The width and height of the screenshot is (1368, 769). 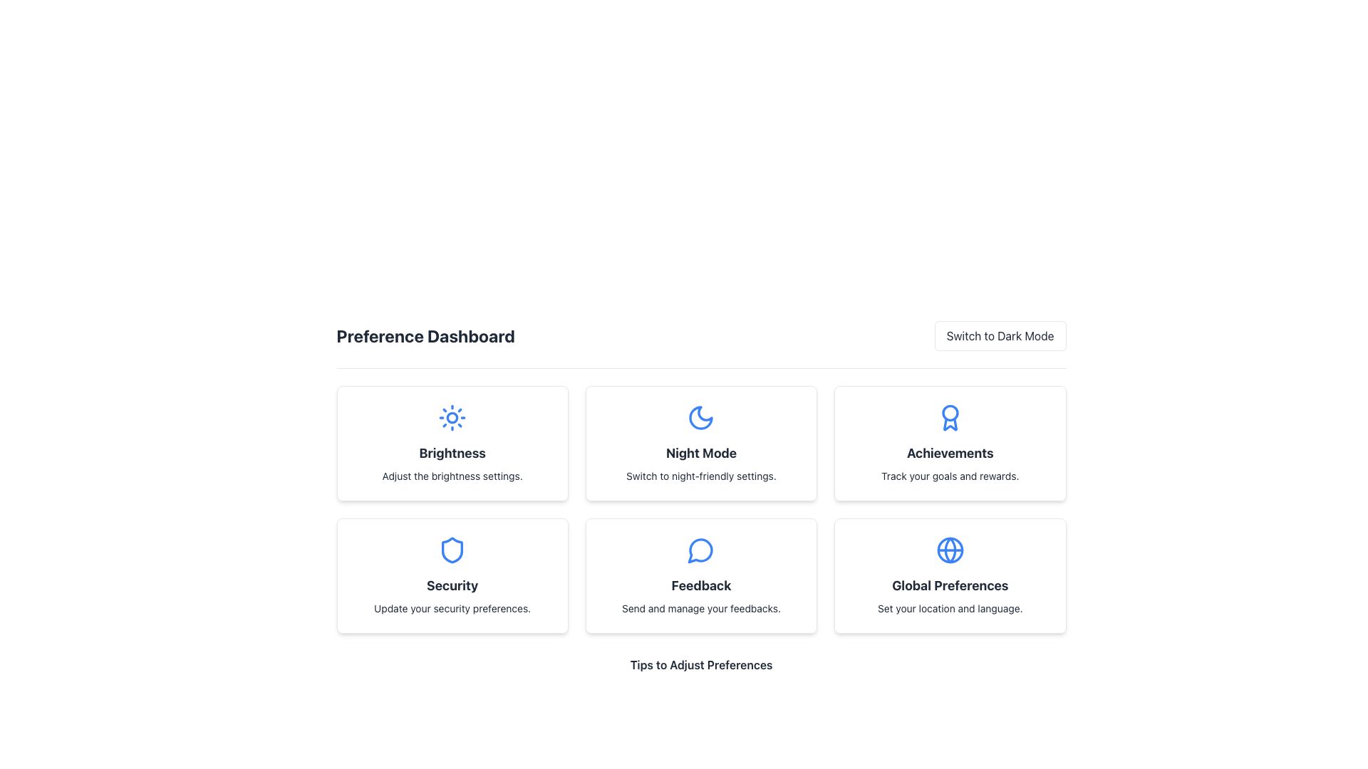 I want to click on the circular blue icon containing a rosette design, located above the 'Achievements' text on the third card in the top row of the grid layout, so click(x=950, y=417).